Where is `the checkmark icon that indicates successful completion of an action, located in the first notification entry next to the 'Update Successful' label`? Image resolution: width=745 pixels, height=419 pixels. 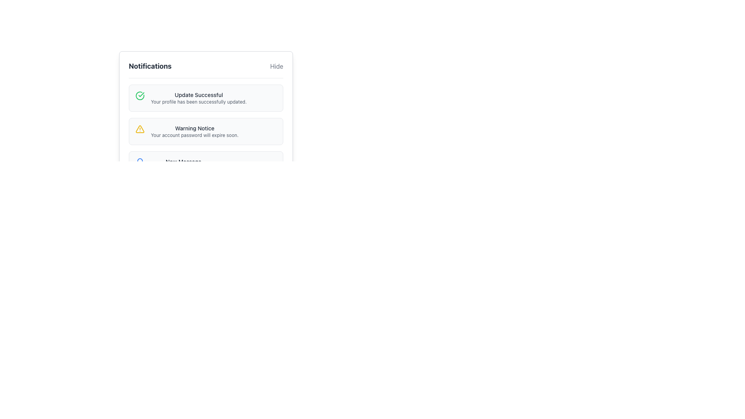 the checkmark icon that indicates successful completion of an action, located in the first notification entry next to the 'Update Successful' label is located at coordinates (141, 94).